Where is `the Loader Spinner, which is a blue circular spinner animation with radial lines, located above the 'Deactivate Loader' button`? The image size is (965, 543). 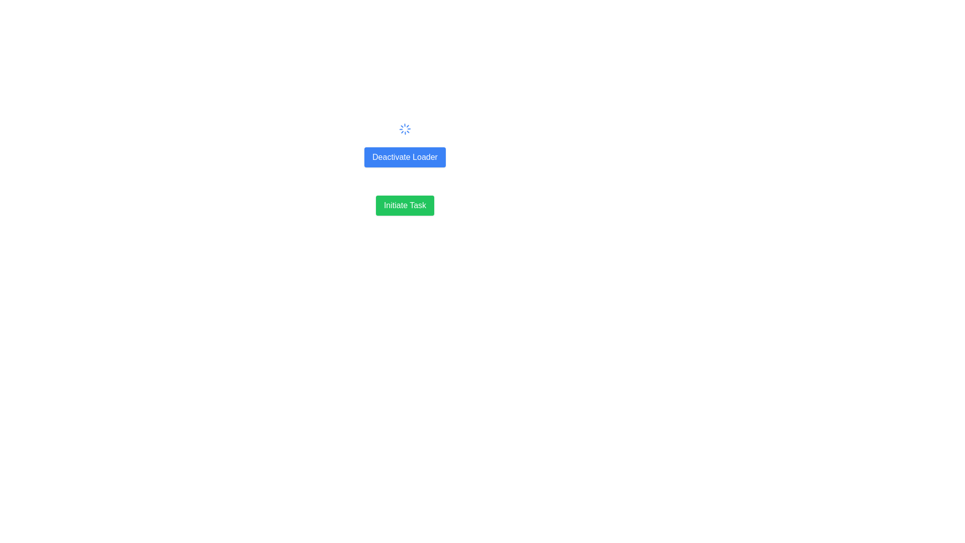 the Loader Spinner, which is a blue circular spinner animation with radial lines, located above the 'Deactivate Loader' button is located at coordinates (405, 133).